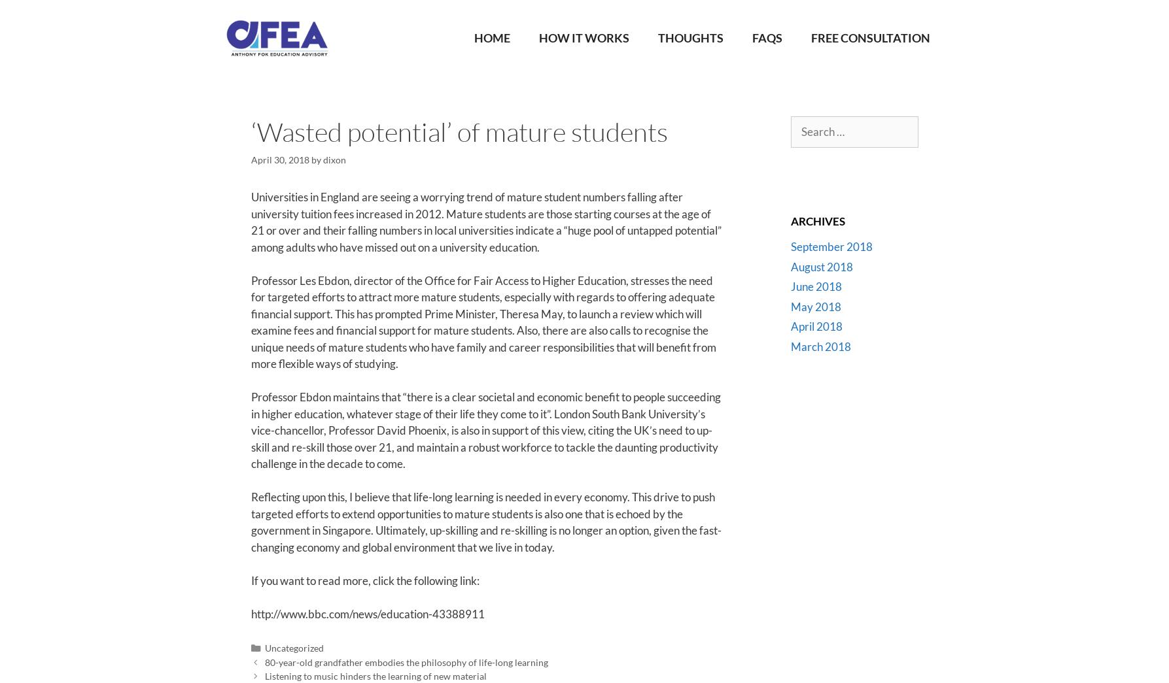 The height and width of the screenshot is (683, 1169). I want to click on 'Reflecting upon this, I believe that life-long learning is needed in every economy. This drive to push targeted efforts to extend opportunities to mature students is also one that is echoed by the government in Singapore. Ultimately, up-skilling and re-skilling is no longer an option, given the fast-changing economy and global environment that we live in today.', so click(485, 522).